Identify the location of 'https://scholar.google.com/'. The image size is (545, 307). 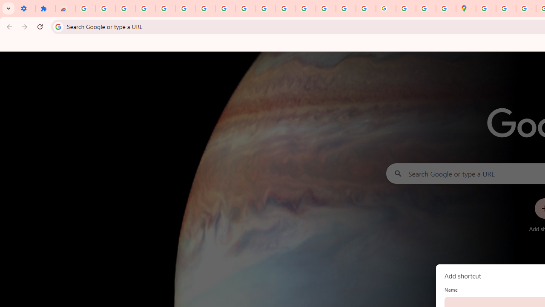
(265, 9).